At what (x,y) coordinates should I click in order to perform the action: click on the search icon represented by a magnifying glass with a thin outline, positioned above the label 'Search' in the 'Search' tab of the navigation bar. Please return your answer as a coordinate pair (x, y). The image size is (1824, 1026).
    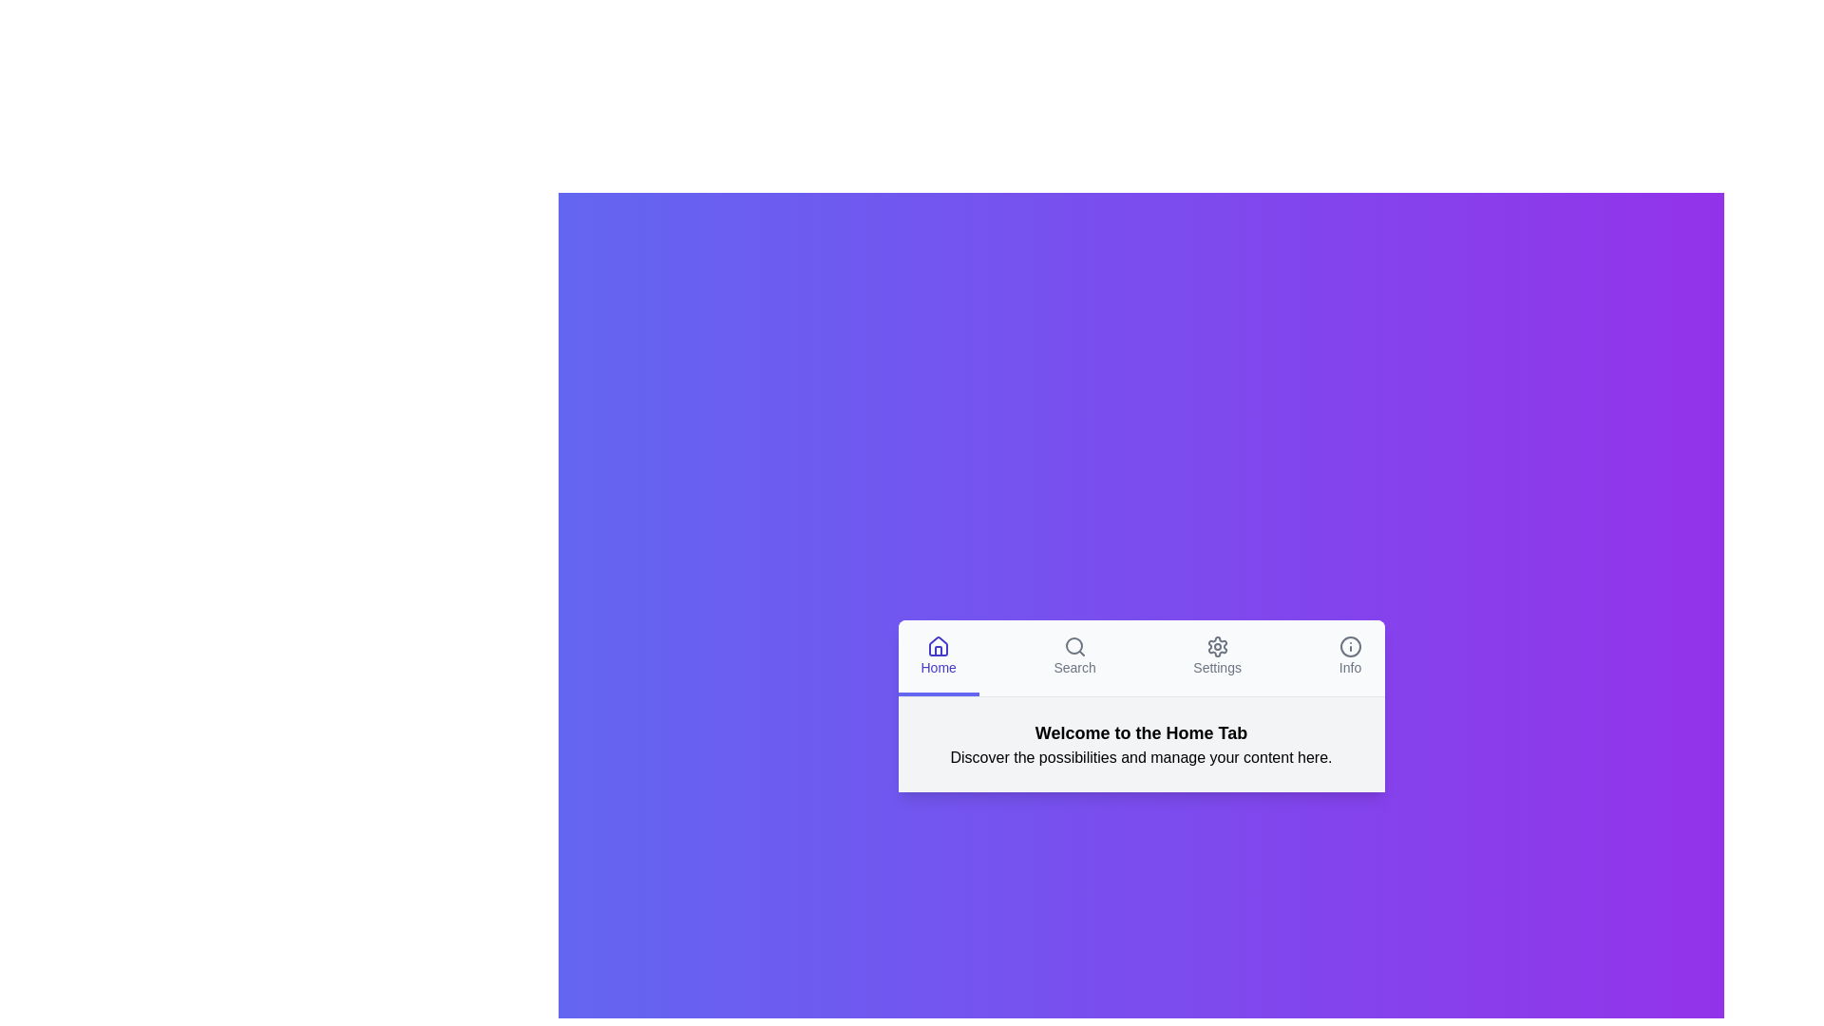
    Looking at the image, I should click on (1074, 645).